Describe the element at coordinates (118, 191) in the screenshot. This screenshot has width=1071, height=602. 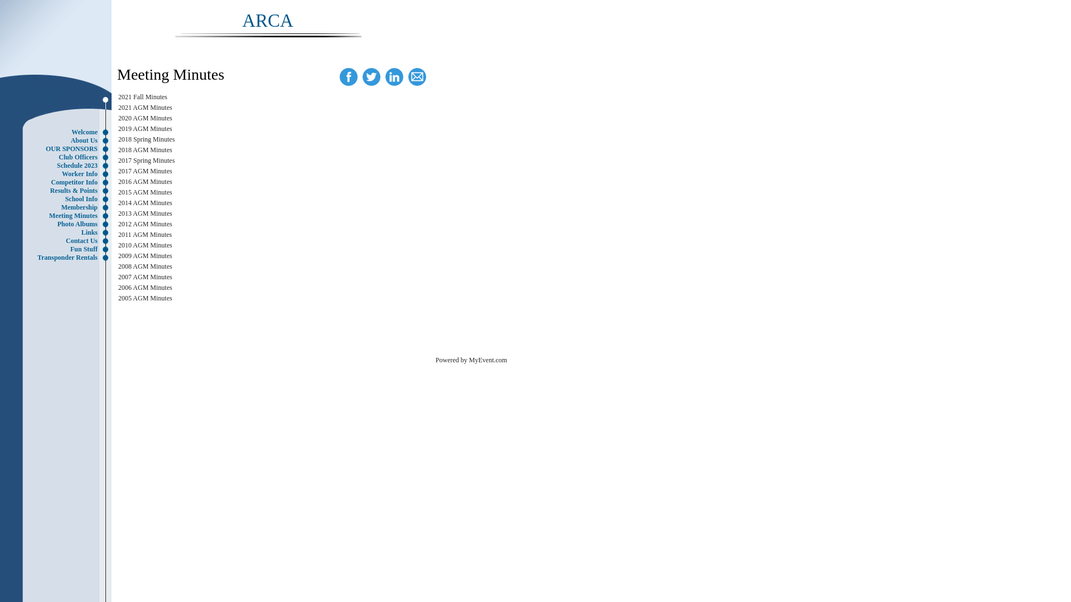
I see `'2015 AGM Minutes'` at that location.